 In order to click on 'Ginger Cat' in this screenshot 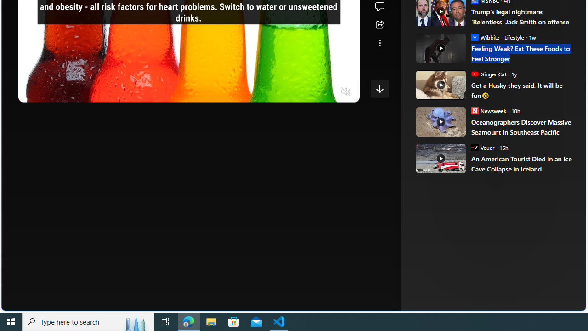, I will do `click(475, 73)`.